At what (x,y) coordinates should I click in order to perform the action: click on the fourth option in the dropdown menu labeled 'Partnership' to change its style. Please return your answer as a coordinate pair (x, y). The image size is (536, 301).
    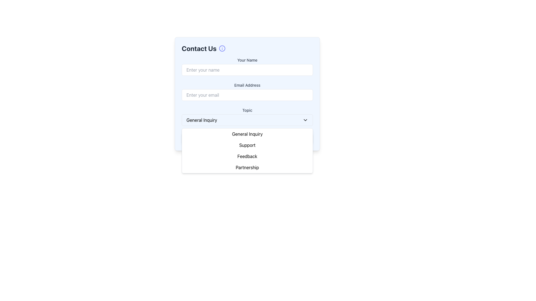
    Looking at the image, I should click on (247, 167).